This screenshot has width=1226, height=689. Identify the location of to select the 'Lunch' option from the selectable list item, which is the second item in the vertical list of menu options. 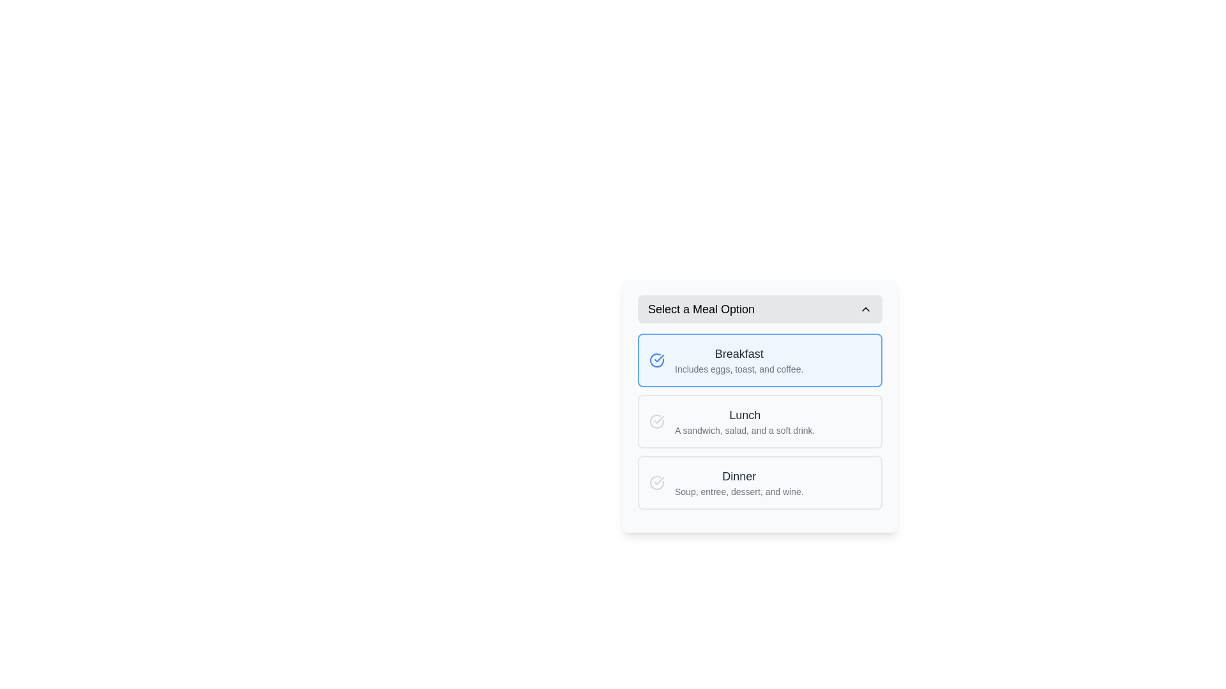
(760, 421).